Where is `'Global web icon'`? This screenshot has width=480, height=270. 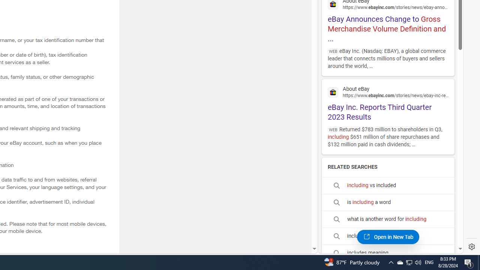 'Global web icon' is located at coordinates (333, 92).